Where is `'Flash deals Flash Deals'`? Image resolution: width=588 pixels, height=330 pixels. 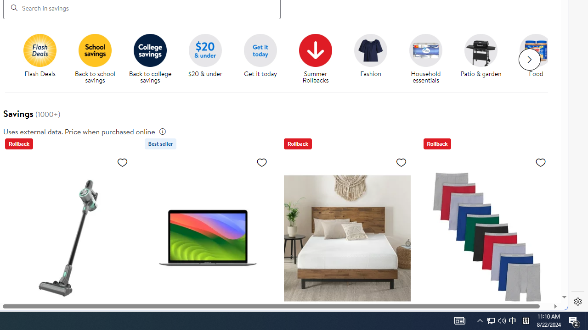
'Flash deals Flash Deals' is located at coordinates (40, 56).